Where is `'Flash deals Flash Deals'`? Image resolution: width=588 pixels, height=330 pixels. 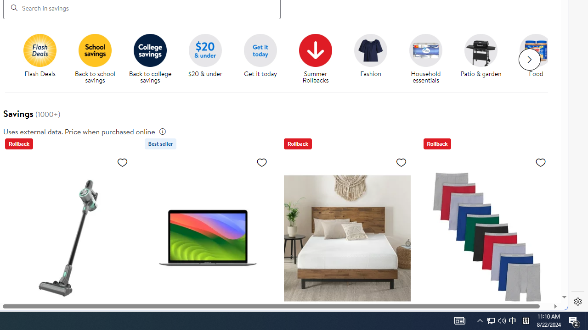
'Flash deals Flash Deals' is located at coordinates (40, 56).